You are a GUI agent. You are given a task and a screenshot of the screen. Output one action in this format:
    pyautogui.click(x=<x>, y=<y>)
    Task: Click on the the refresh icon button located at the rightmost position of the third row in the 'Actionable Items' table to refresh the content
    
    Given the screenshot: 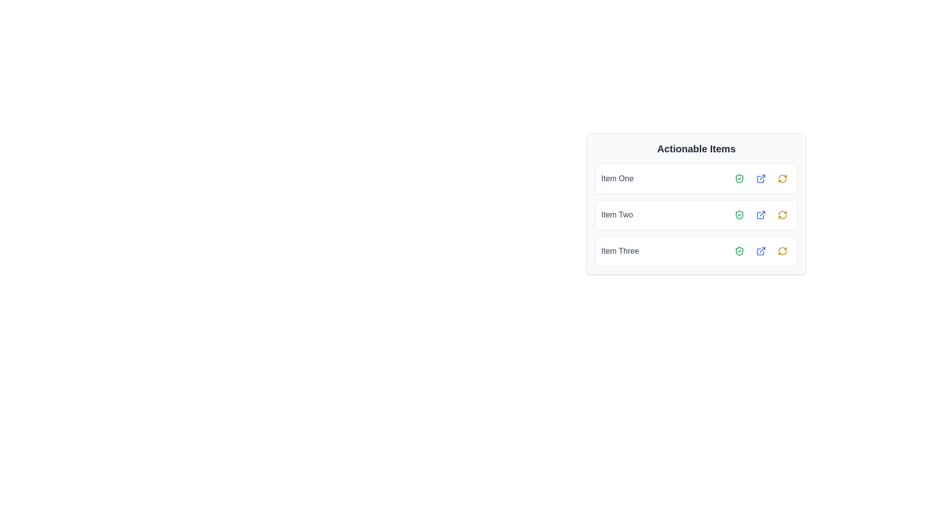 What is the action you would take?
    pyautogui.click(x=782, y=251)
    